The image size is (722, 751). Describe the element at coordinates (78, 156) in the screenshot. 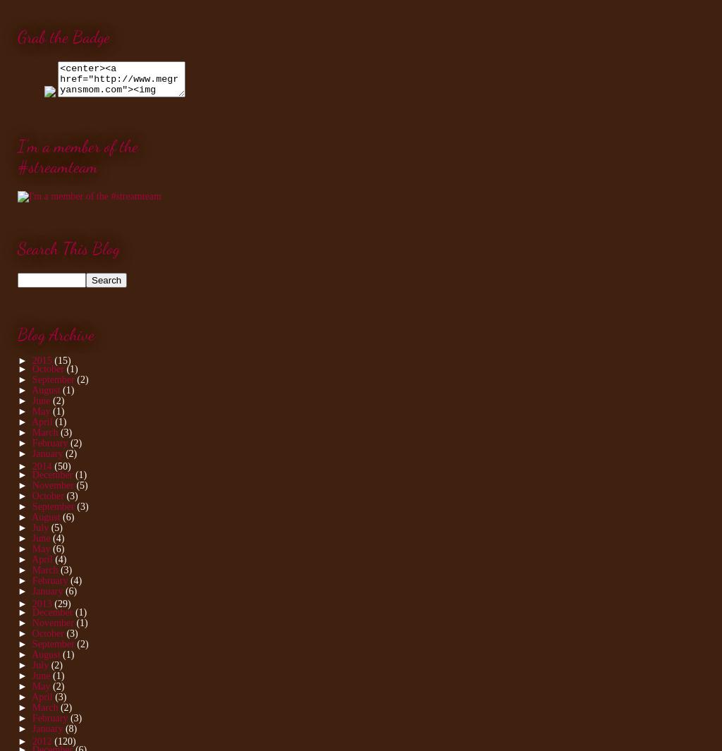

I see `'I'm a member of the #streamteam'` at that location.